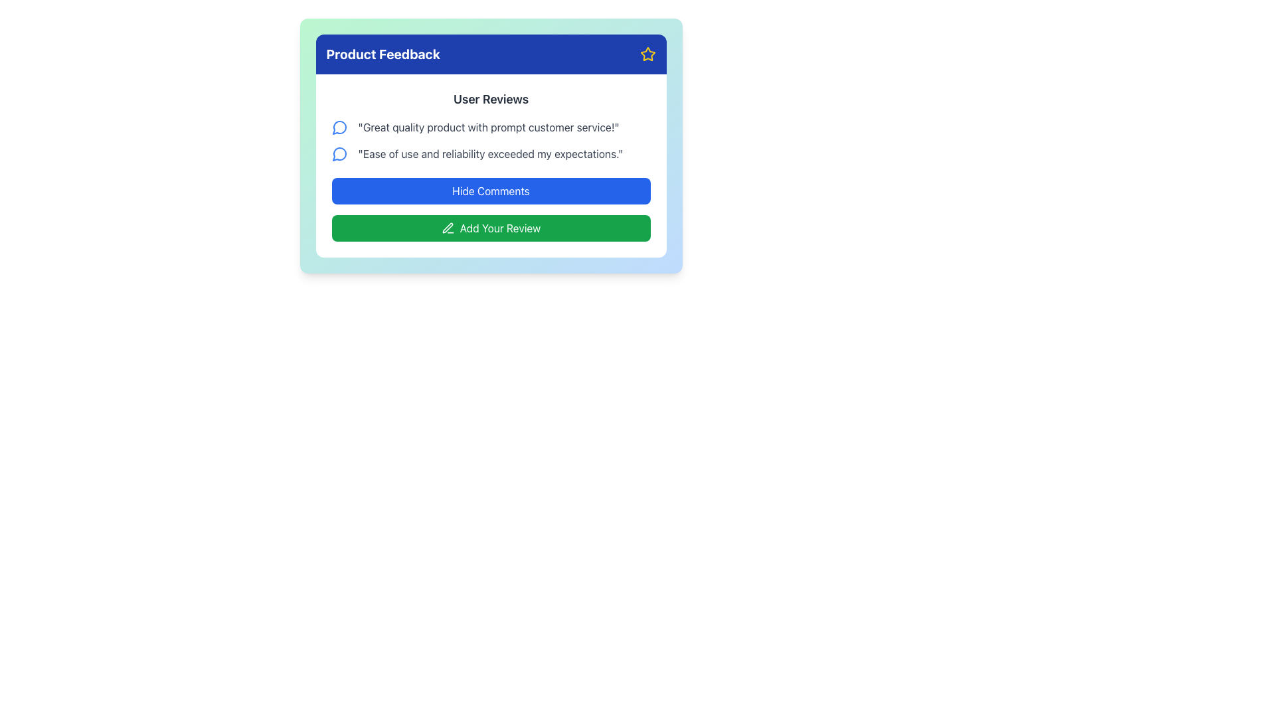  What do you see at coordinates (339, 127) in the screenshot?
I see `the graphical icon representing user comments or feedback located under the 'User Reviews' section, adjacent to the text 'Great quality product with prompt customer service!'` at bounding box center [339, 127].